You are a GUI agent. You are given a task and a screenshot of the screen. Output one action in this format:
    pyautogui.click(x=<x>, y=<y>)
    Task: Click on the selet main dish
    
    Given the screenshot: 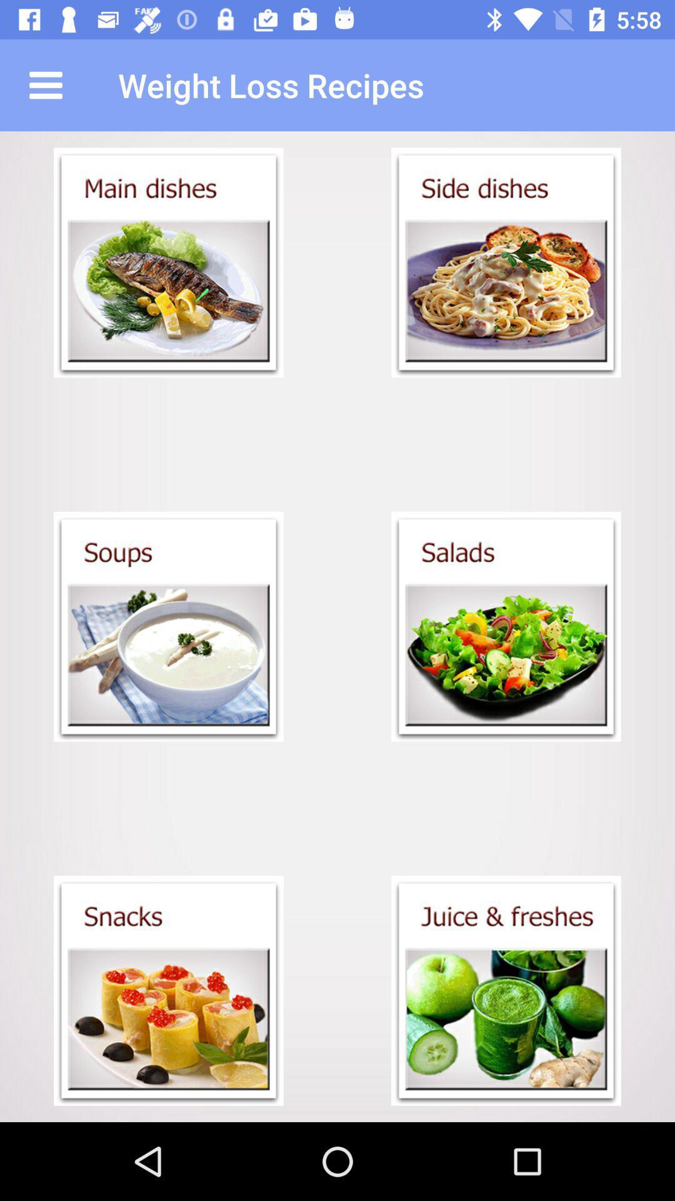 What is the action you would take?
    pyautogui.click(x=169, y=262)
    